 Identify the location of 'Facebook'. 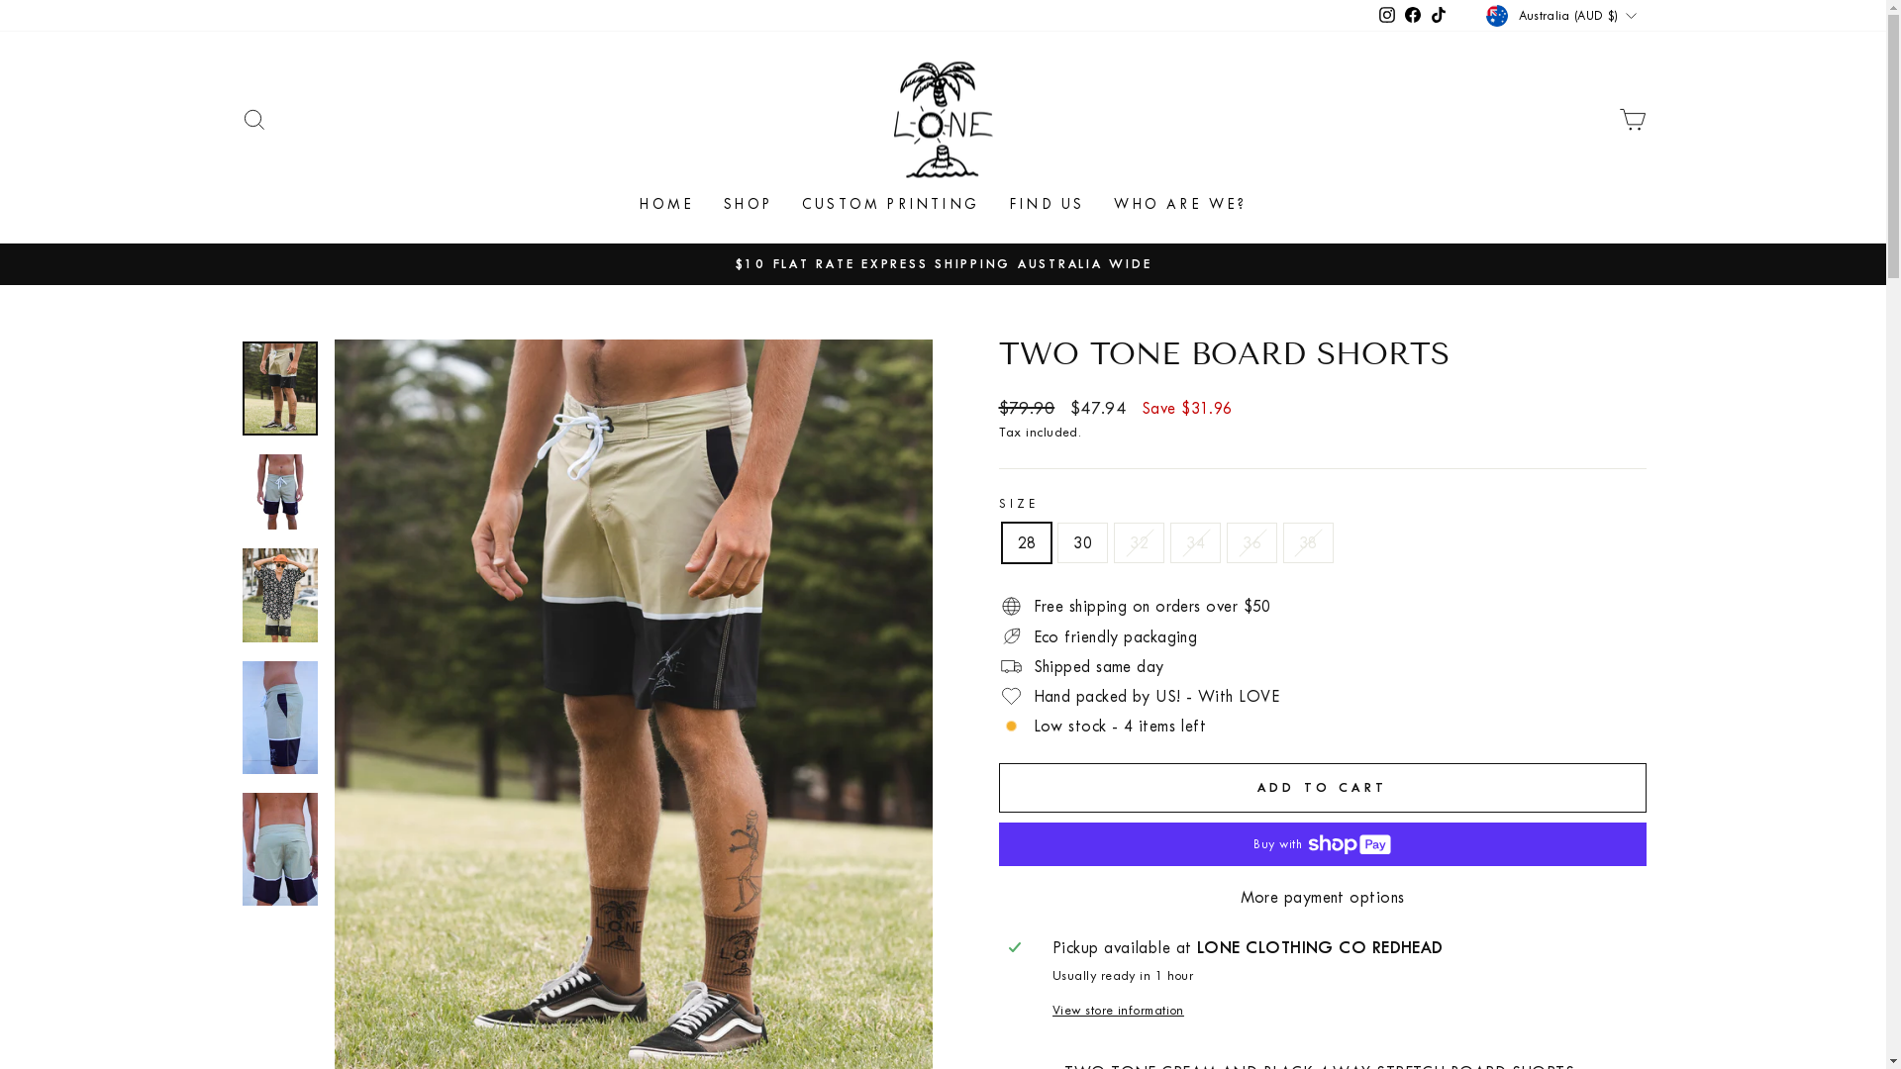
(1411, 15).